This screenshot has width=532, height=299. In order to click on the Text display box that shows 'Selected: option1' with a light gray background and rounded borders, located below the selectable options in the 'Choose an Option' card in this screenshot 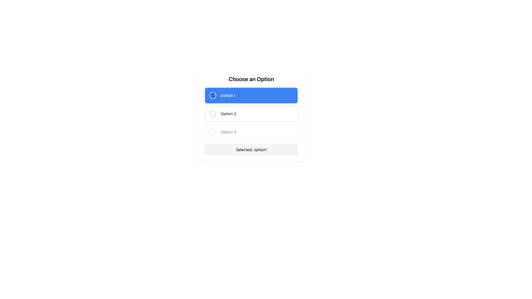, I will do `click(251, 149)`.